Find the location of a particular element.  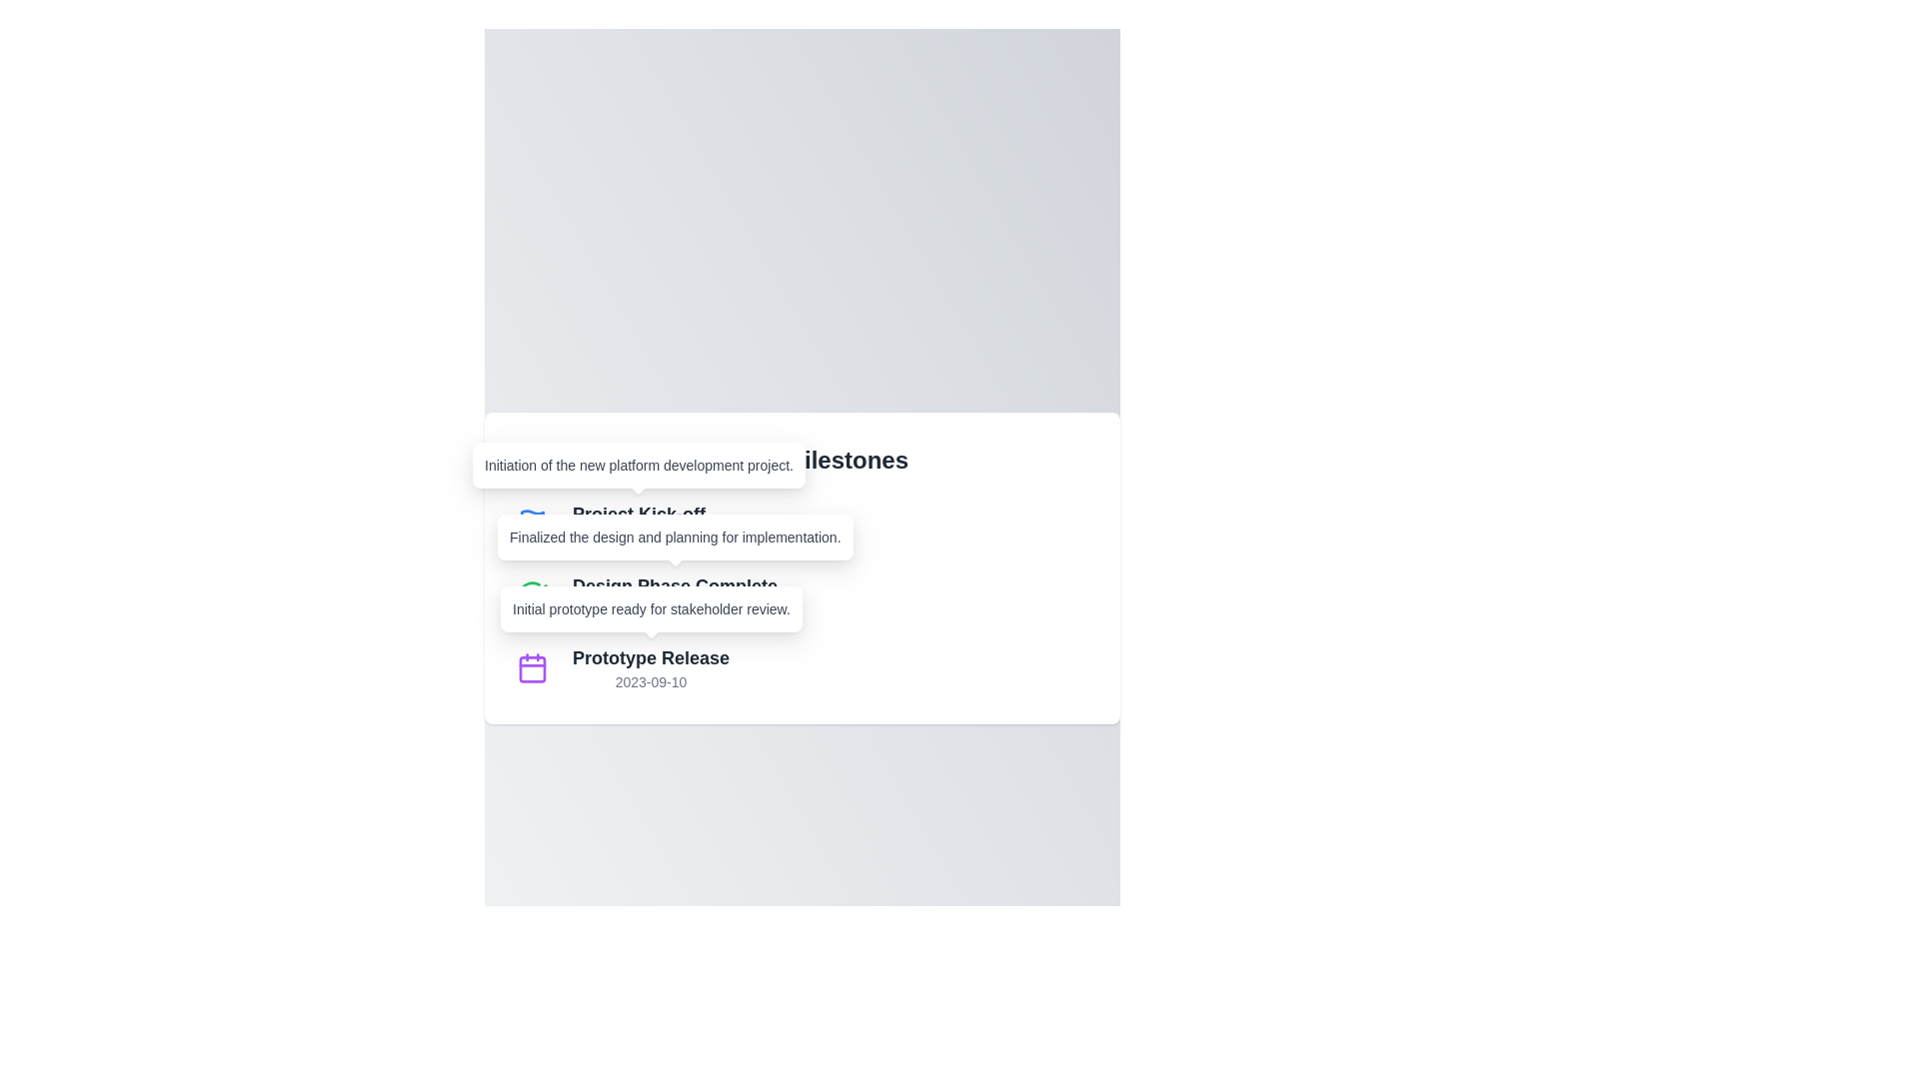

the milestone indicator for 'Design Phase' completion date '2023-07-15' in the project timeline is located at coordinates (802, 595).